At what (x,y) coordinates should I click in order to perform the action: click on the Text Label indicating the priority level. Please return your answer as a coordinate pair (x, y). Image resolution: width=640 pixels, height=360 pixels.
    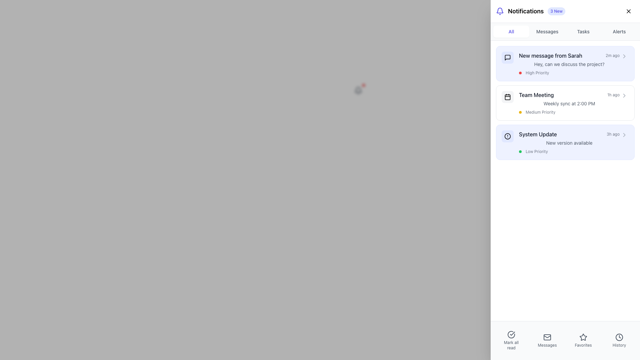
    Looking at the image, I should click on (537, 152).